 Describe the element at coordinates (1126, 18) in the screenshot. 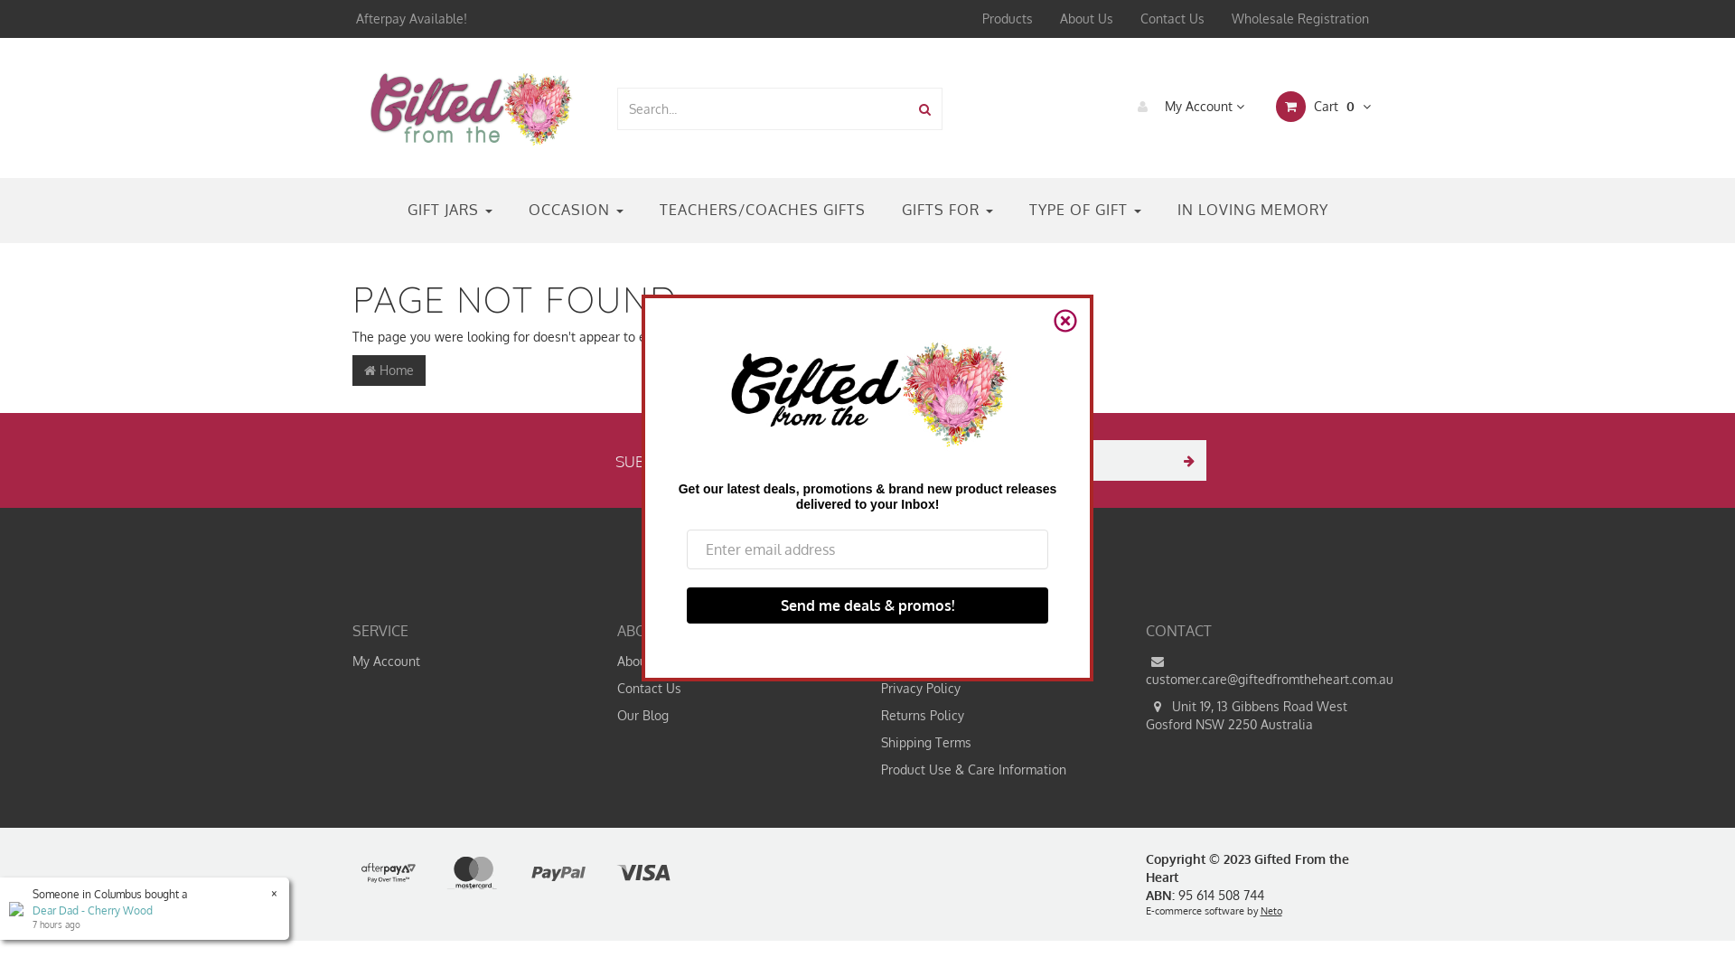

I see `'Contact Us'` at that location.